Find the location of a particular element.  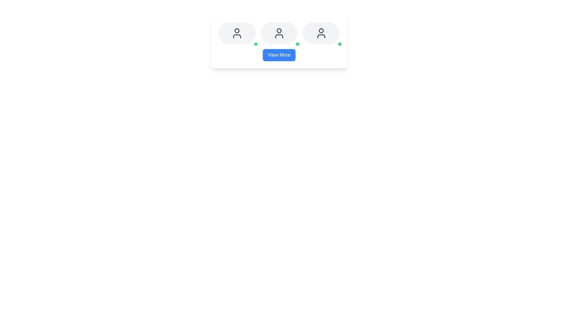

the design context of the user icon element, which is a curved line shape located at the bottom section of the central user icon in a horizontal layout of three user icons is located at coordinates (279, 36).